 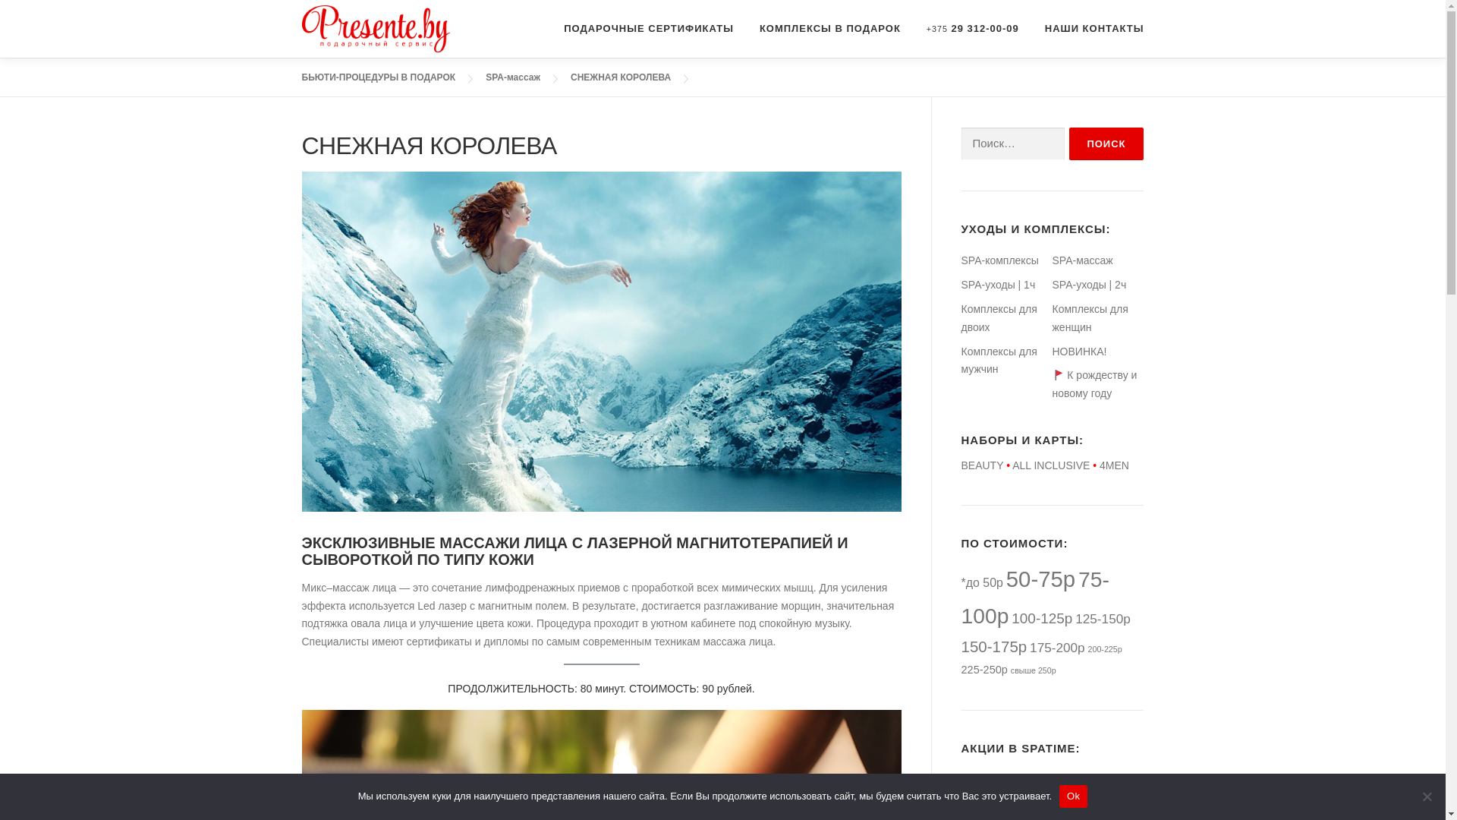 What do you see at coordinates (960, 465) in the screenshot?
I see `'BEAUTY'` at bounding box center [960, 465].